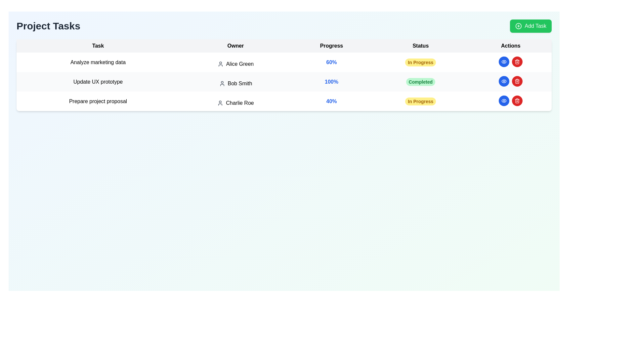 The image size is (635, 357). What do you see at coordinates (510, 81) in the screenshot?
I see `the blue button in the Actions column for the task 'Update UX prototype' owned by 'Bob Smith'` at bounding box center [510, 81].